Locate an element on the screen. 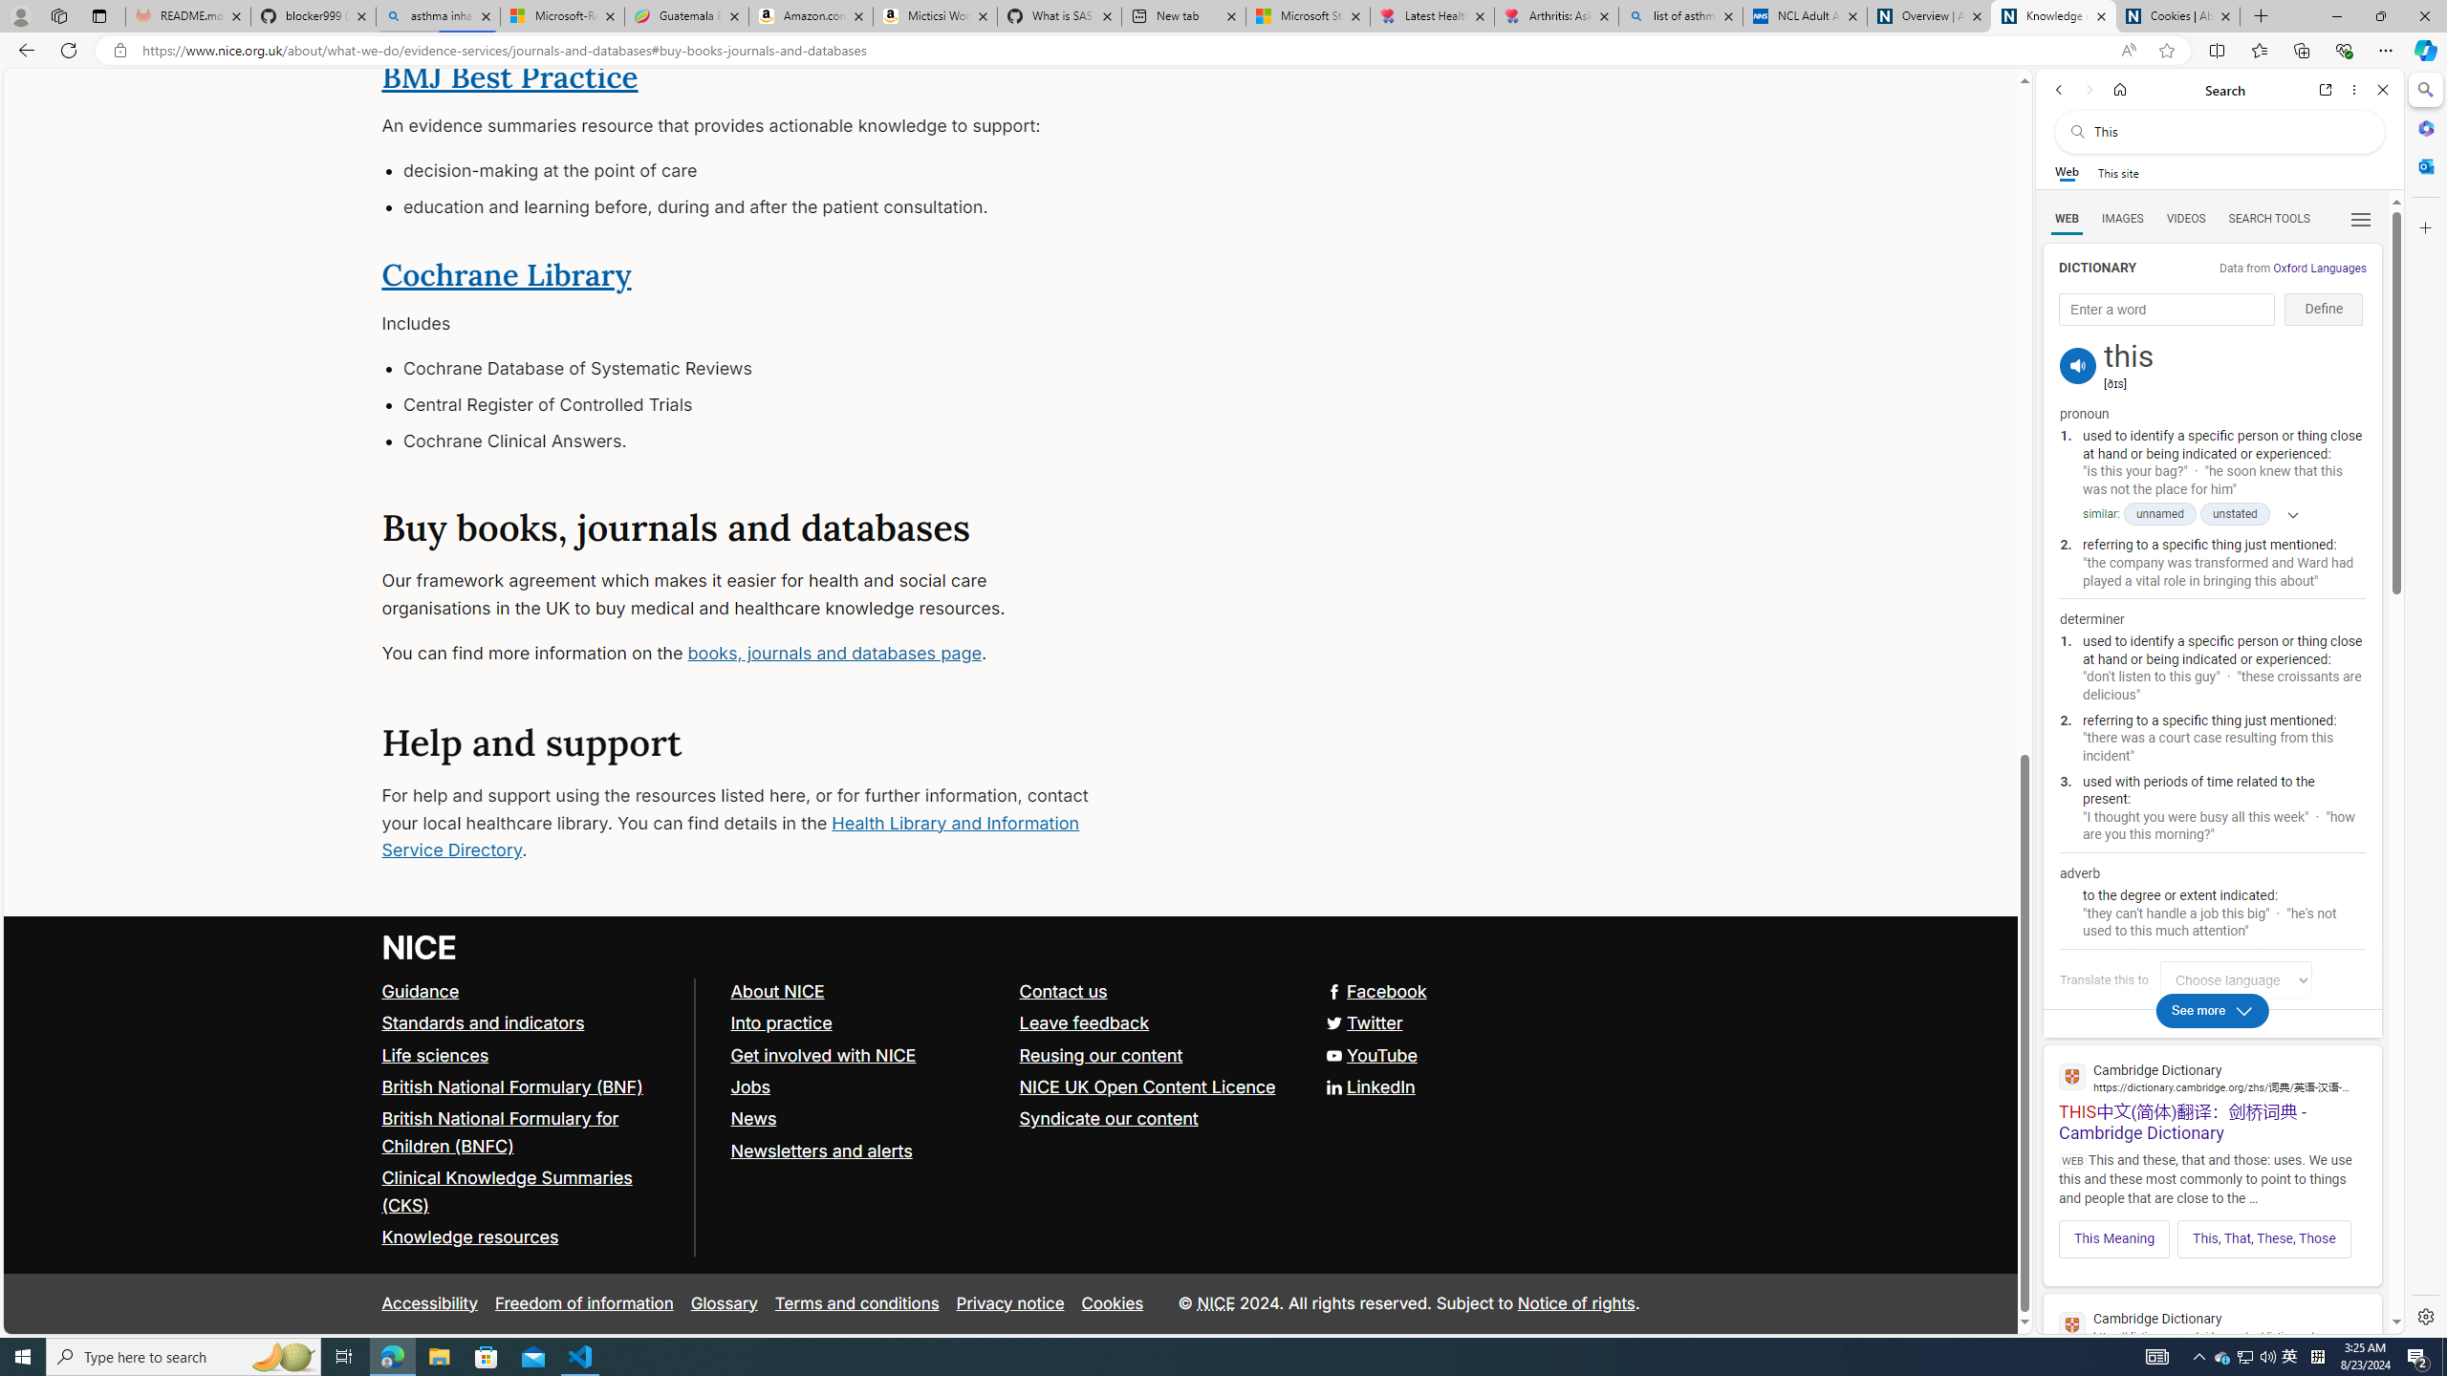 Image resolution: width=2447 pixels, height=1376 pixels. 'See more' is located at coordinates (2213, 1010).